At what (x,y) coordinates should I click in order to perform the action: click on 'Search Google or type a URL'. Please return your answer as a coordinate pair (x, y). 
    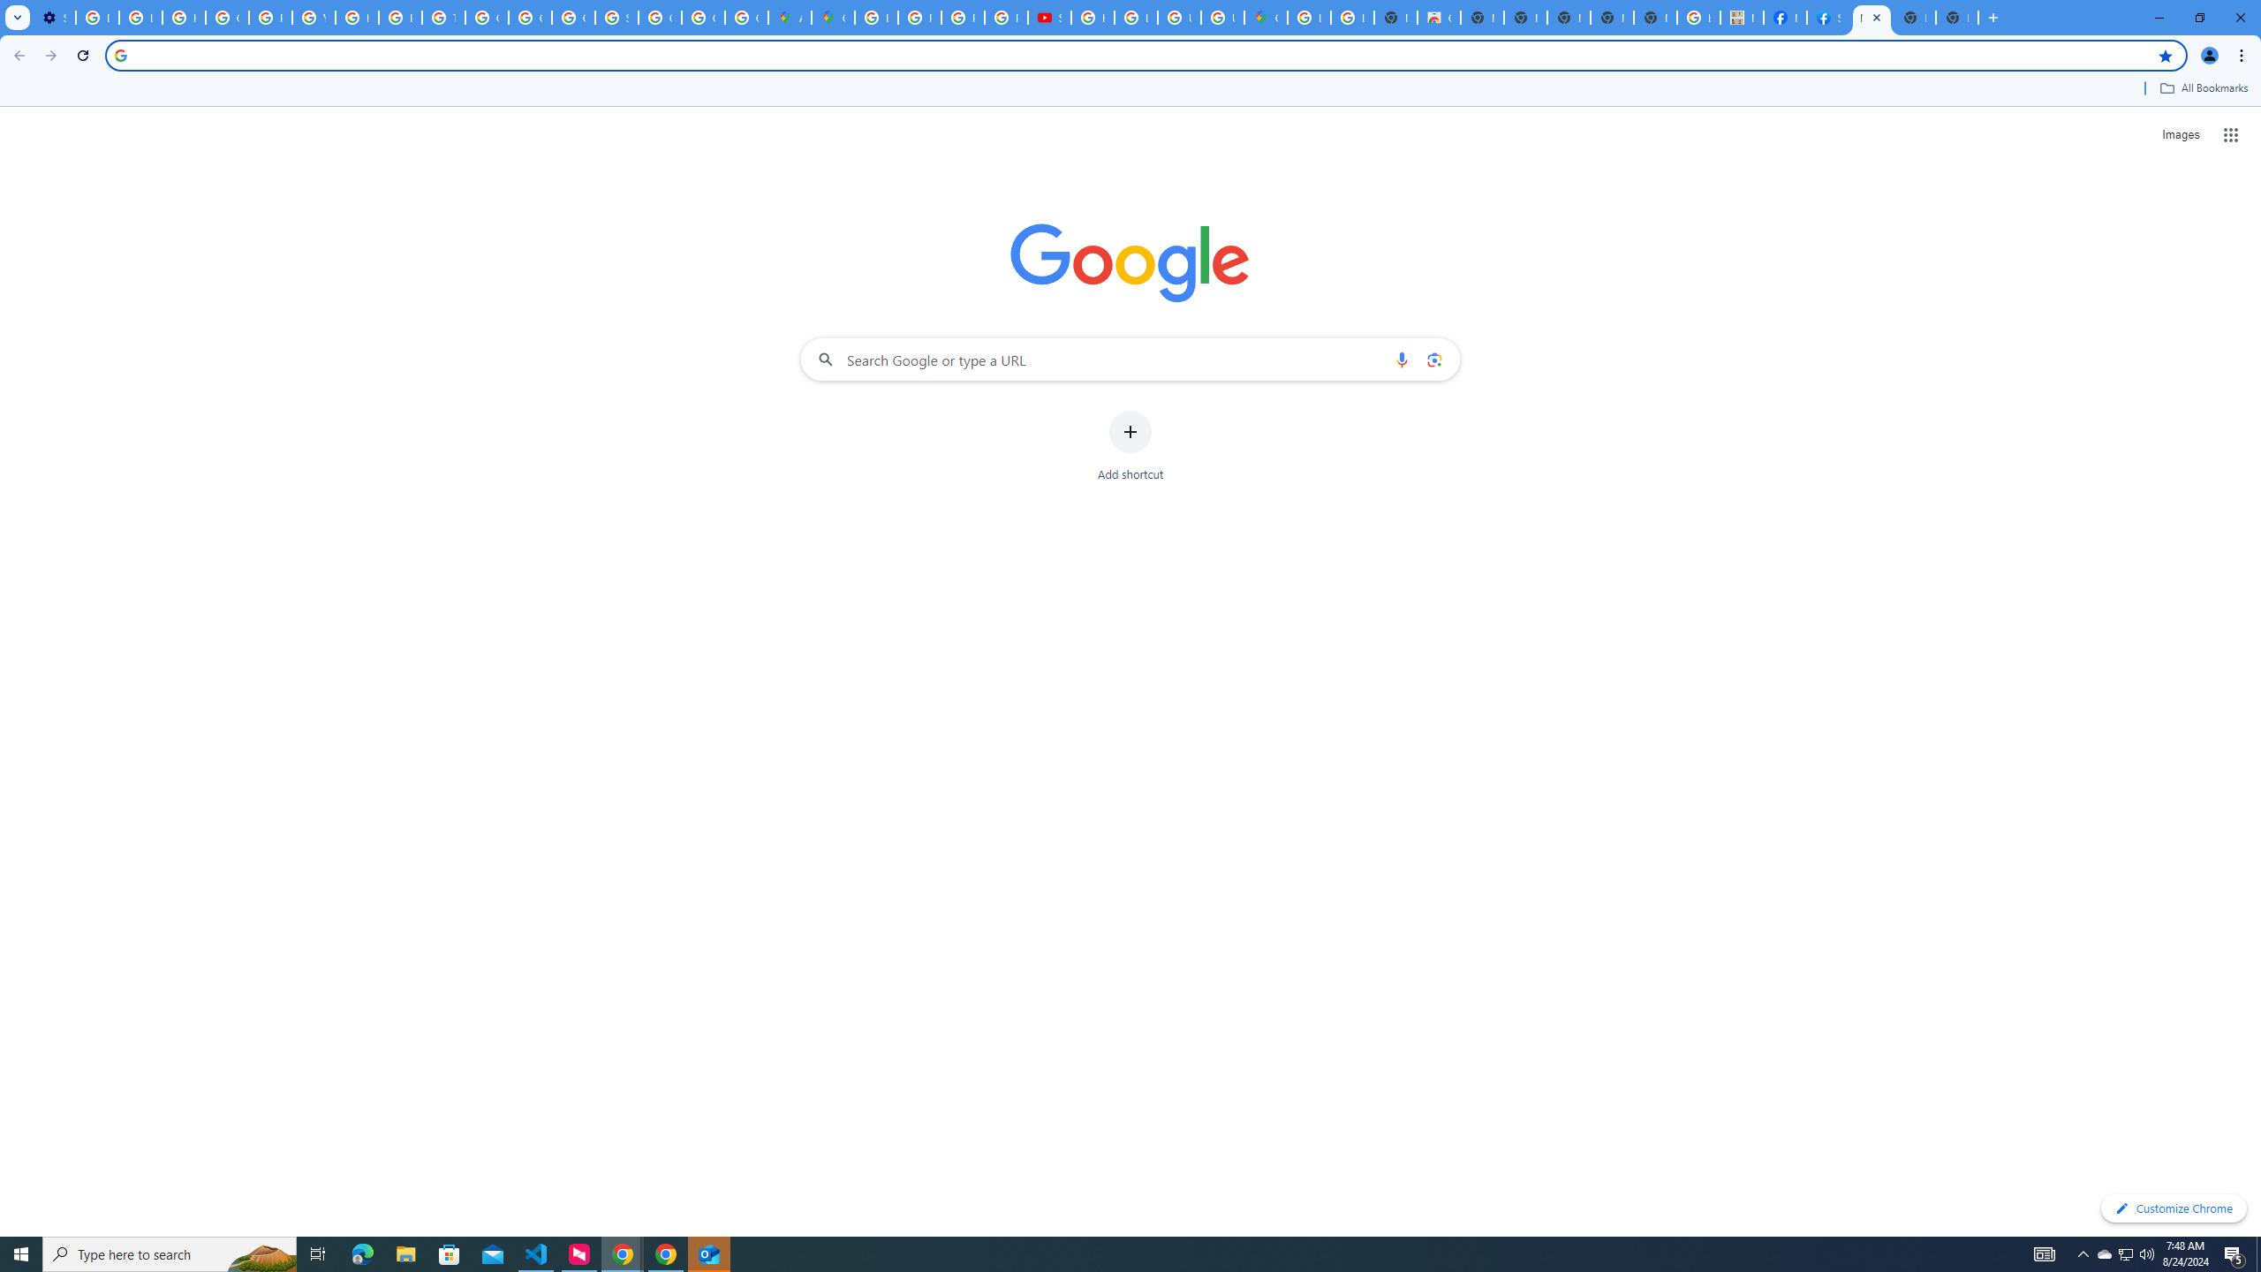
    Looking at the image, I should click on (1130, 358).